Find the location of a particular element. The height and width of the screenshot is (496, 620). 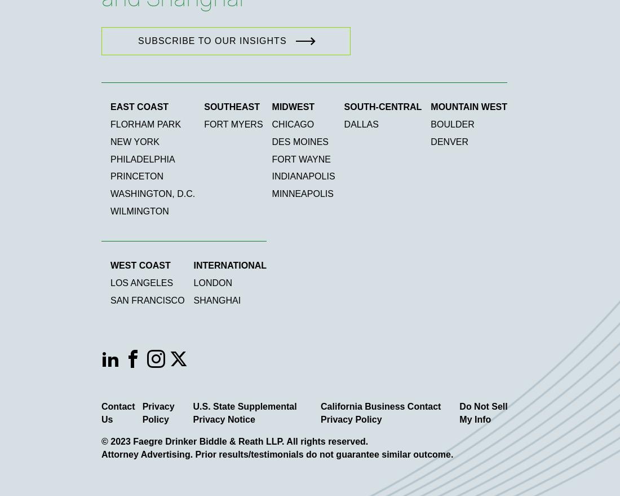

'Los Angeles' is located at coordinates (141, 282).